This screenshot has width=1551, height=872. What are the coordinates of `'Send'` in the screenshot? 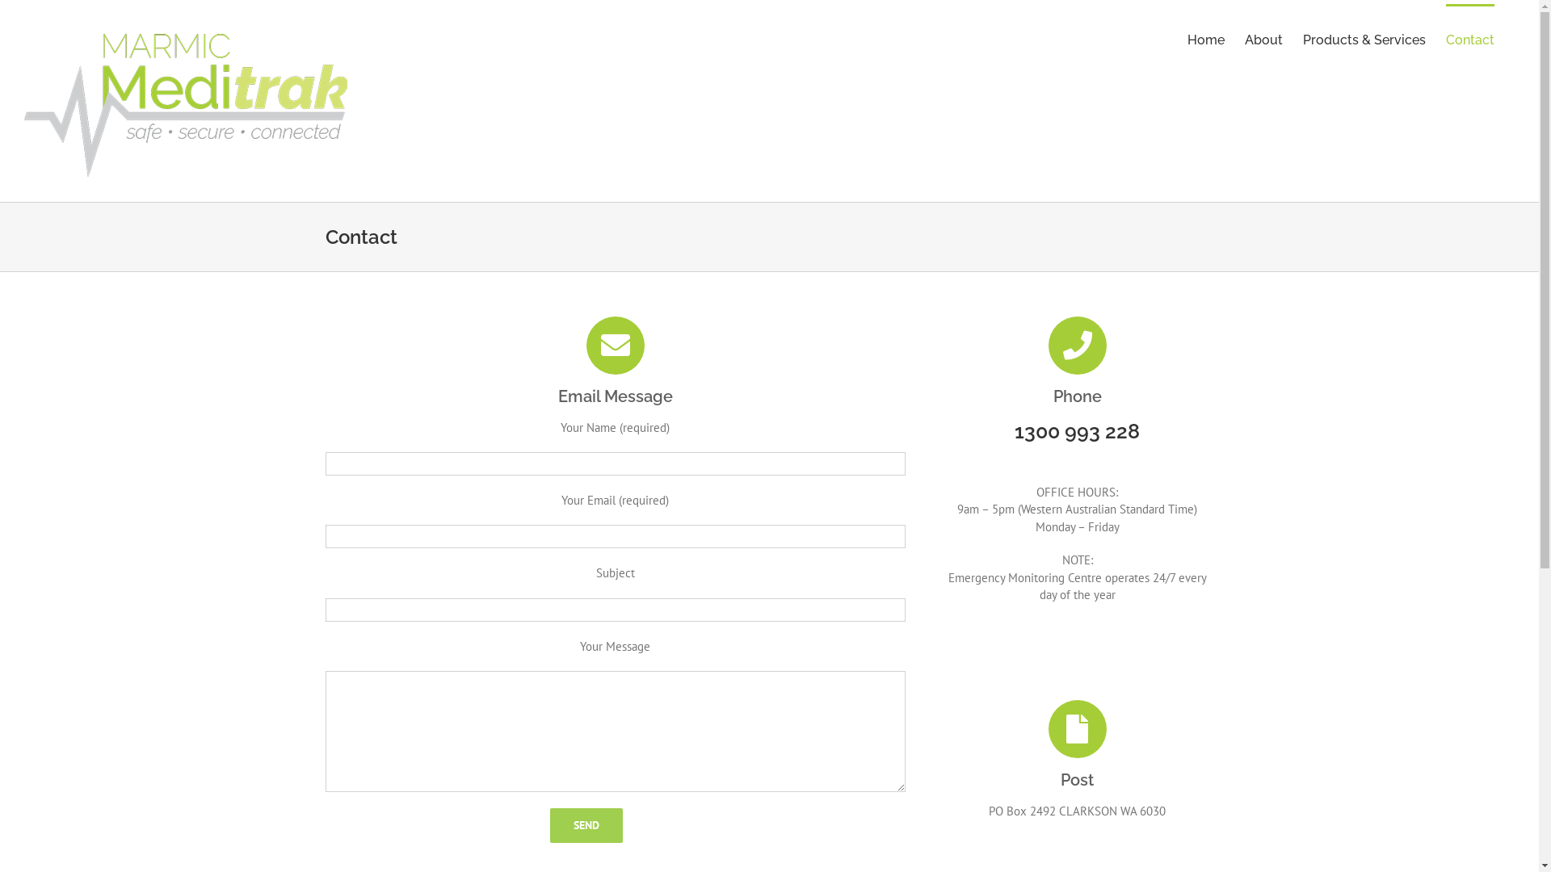 It's located at (550, 825).